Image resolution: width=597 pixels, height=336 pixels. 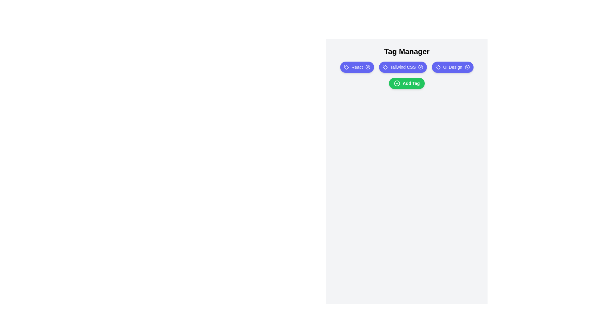 What do you see at coordinates (467, 67) in the screenshot?
I see `the tag labeled UI Design by clicking its remove icon` at bounding box center [467, 67].